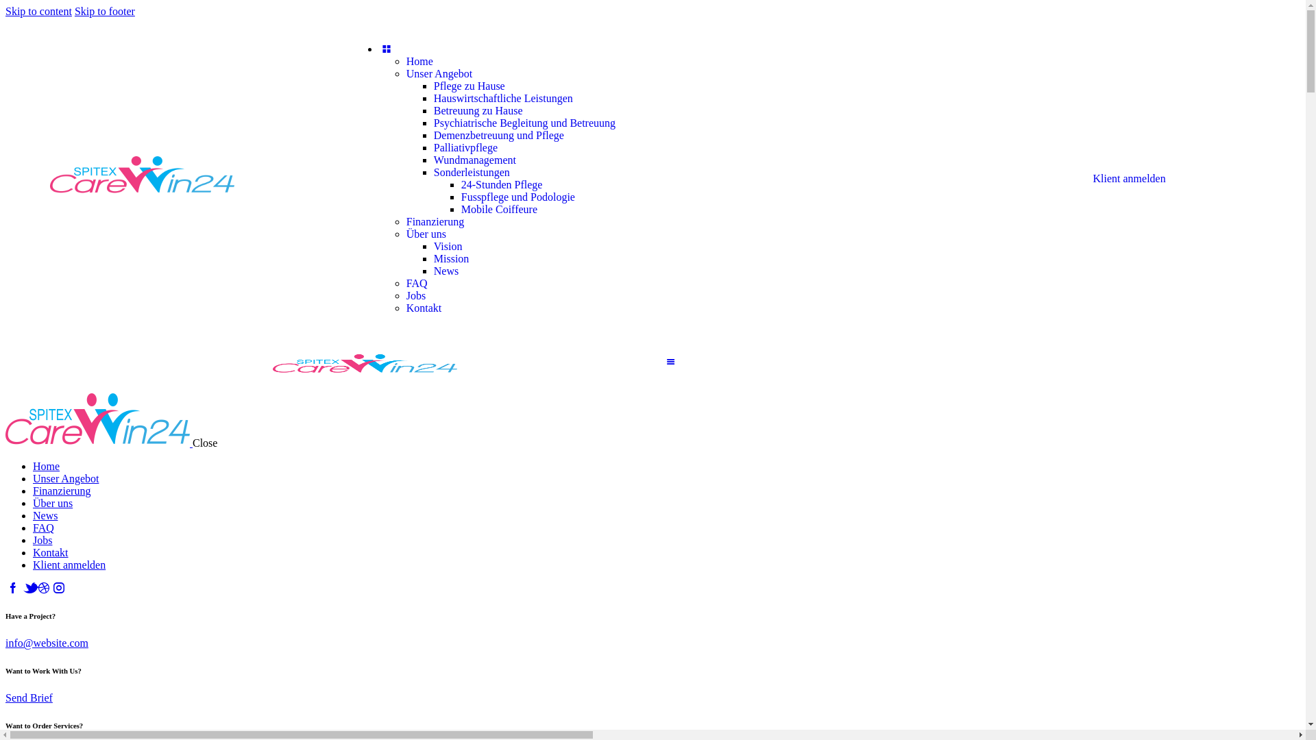  Describe the element at coordinates (465, 147) in the screenshot. I see `'Palliativpflege'` at that location.